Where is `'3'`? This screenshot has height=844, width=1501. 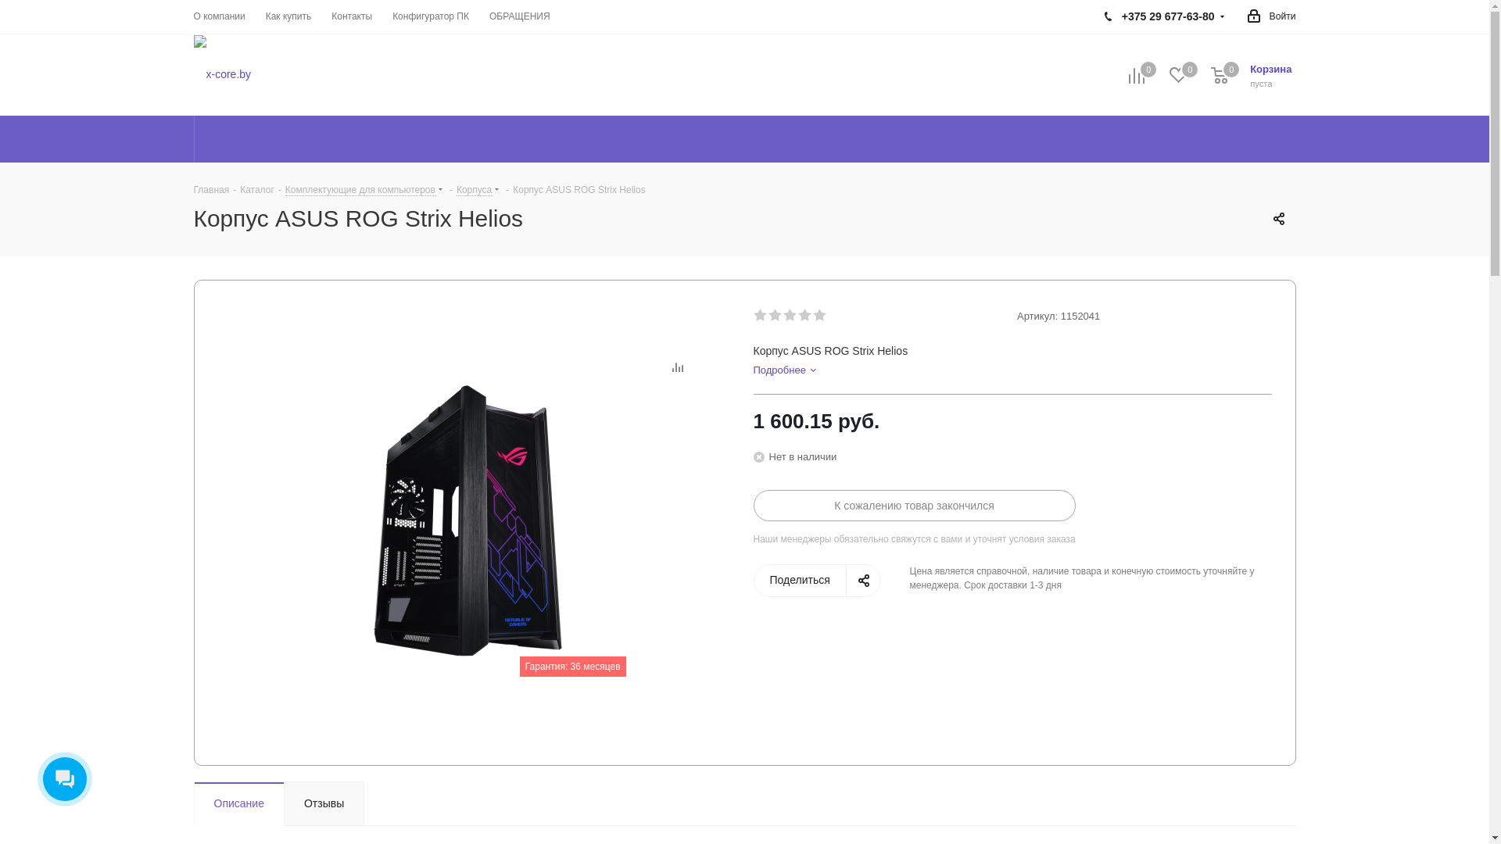
'3' is located at coordinates (790, 316).